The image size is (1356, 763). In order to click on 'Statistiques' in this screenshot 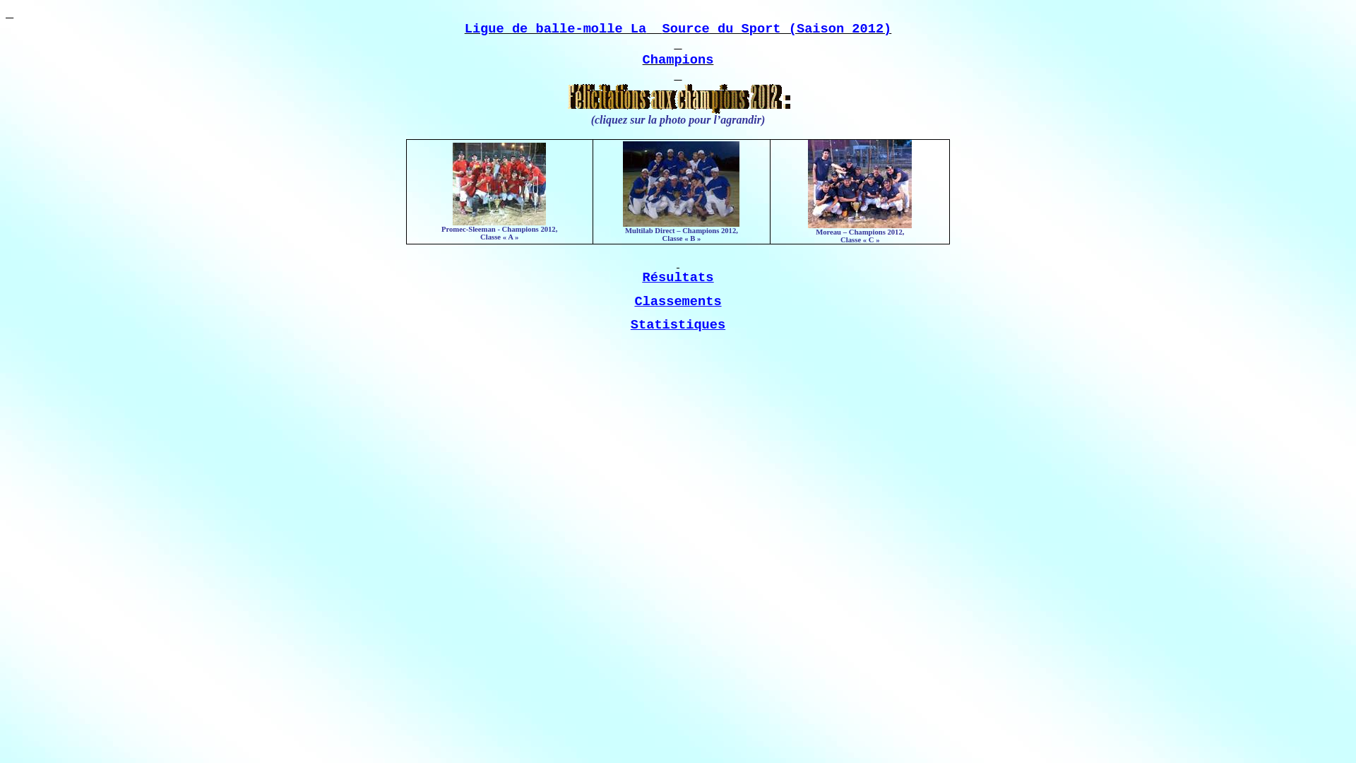, I will do `click(678, 324)`.